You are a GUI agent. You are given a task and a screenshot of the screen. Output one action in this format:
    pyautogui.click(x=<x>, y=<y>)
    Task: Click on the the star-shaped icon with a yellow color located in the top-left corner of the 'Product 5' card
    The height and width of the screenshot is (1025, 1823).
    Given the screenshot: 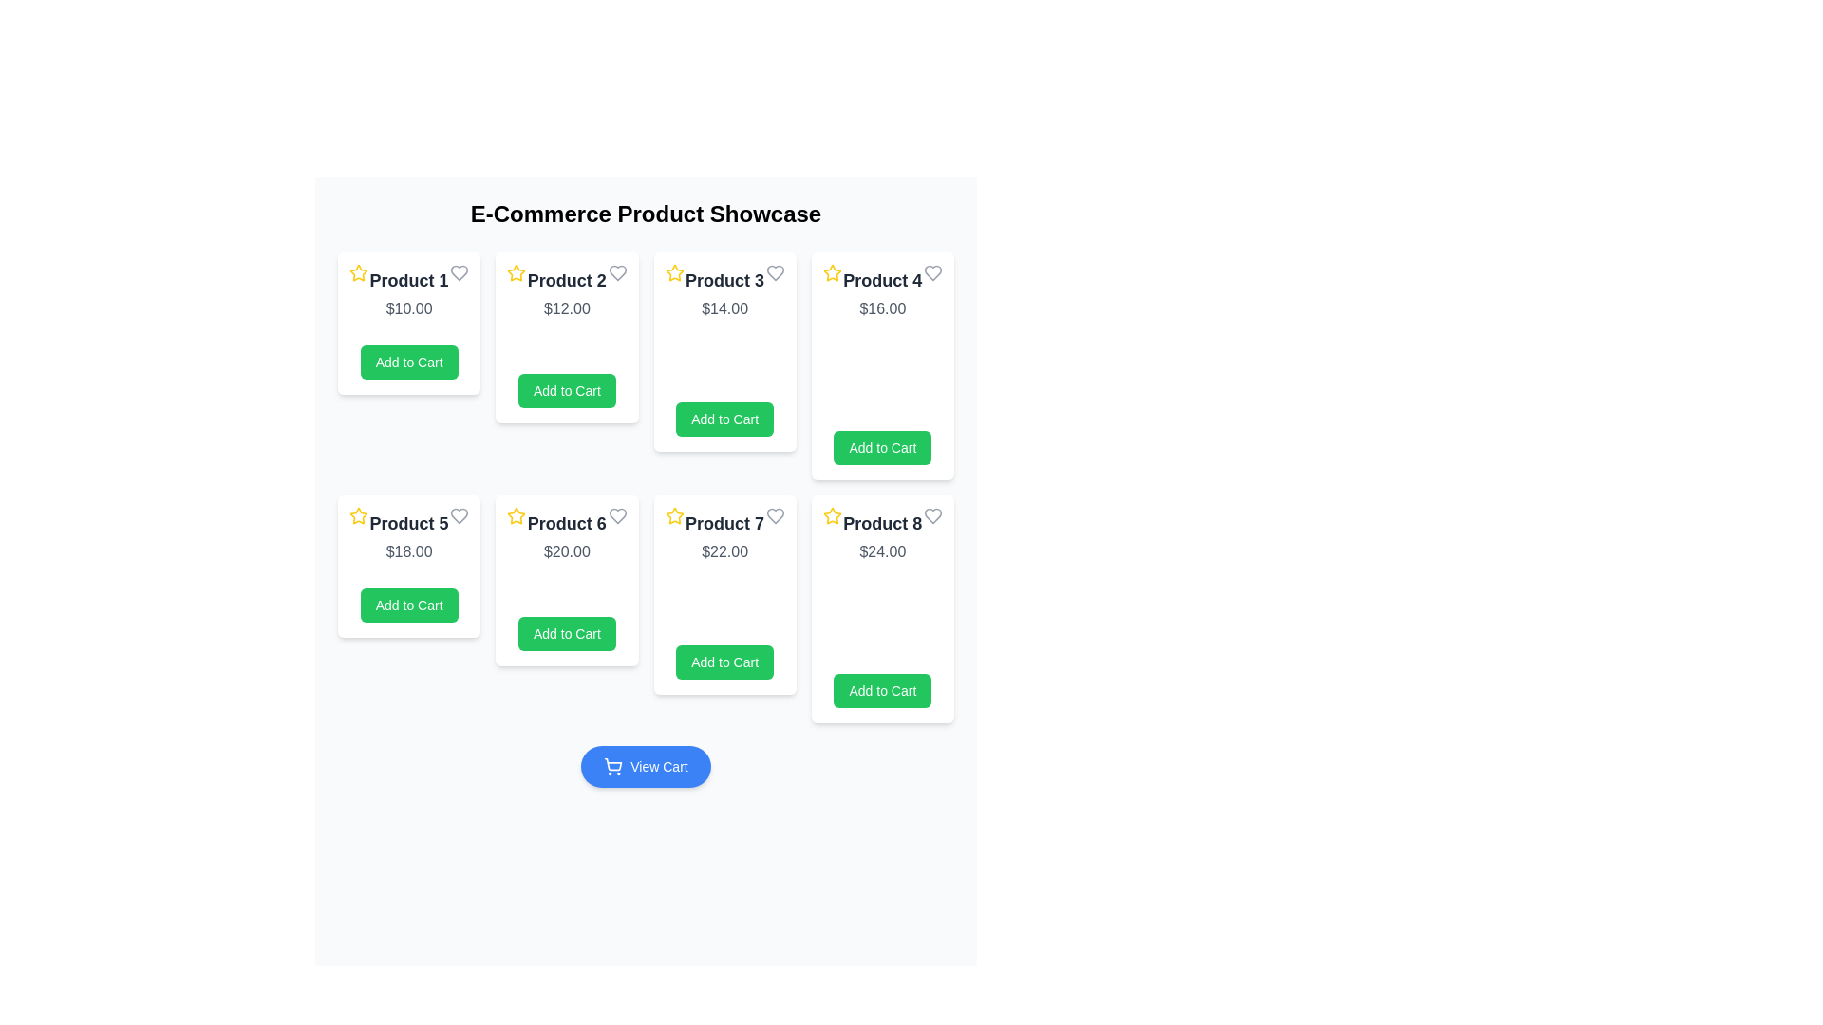 What is the action you would take?
    pyautogui.click(x=359, y=515)
    